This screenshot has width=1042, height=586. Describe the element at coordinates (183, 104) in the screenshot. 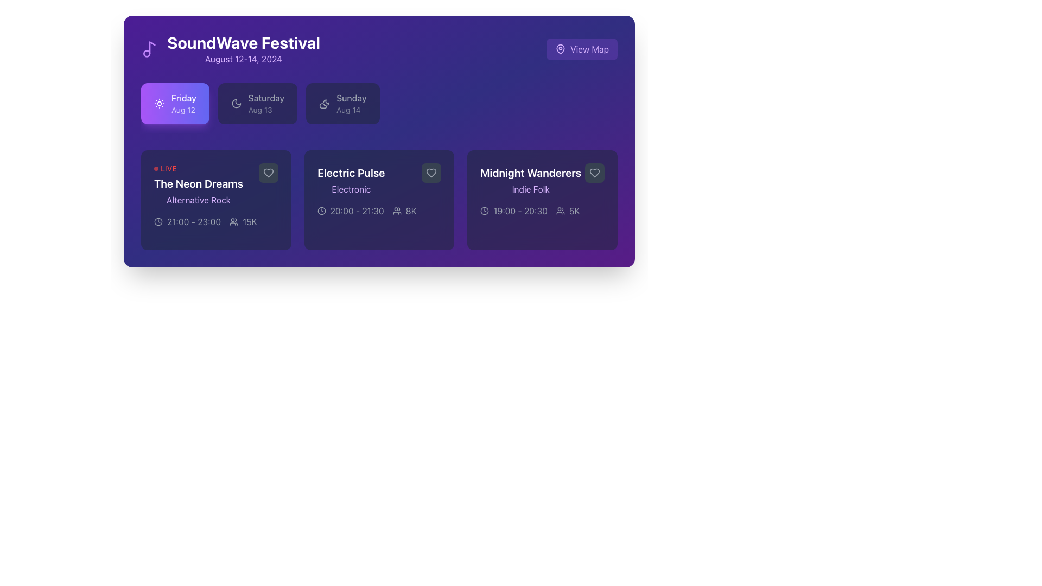

I see `the text block displaying 'Friday' and 'Aug 12'` at that location.